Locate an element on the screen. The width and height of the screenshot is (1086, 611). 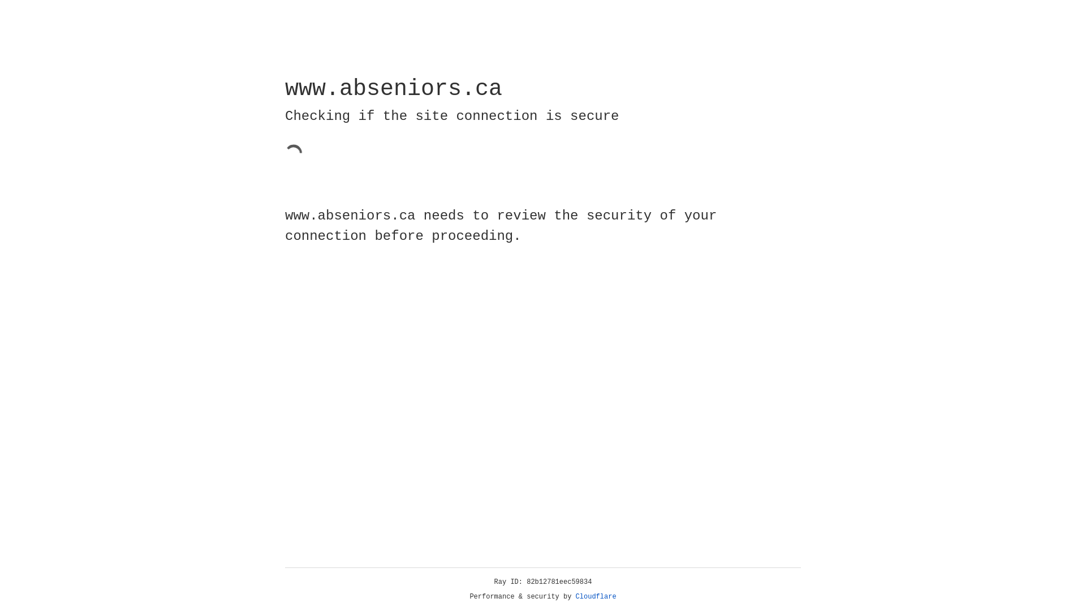
'Cloudflare' is located at coordinates (596, 596).